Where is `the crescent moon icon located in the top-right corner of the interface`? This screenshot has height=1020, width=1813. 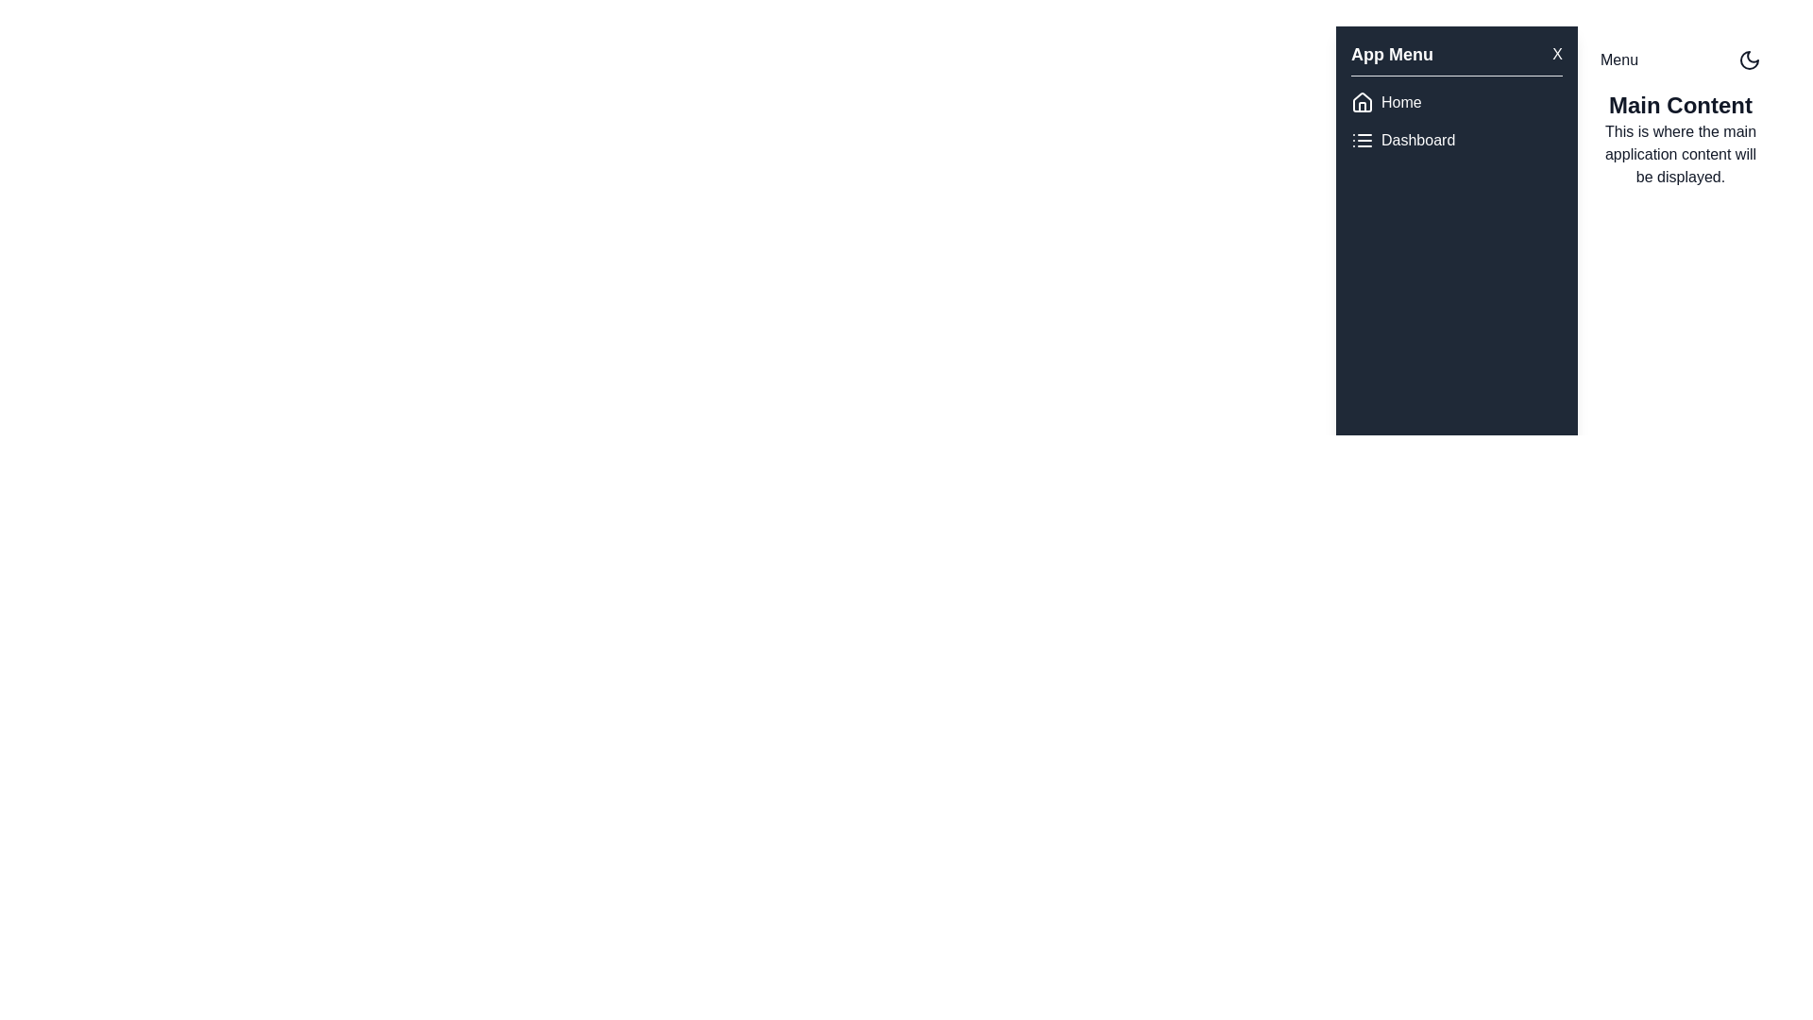
the crescent moon icon located in the top-right corner of the interface is located at coordinates (1748, 59).